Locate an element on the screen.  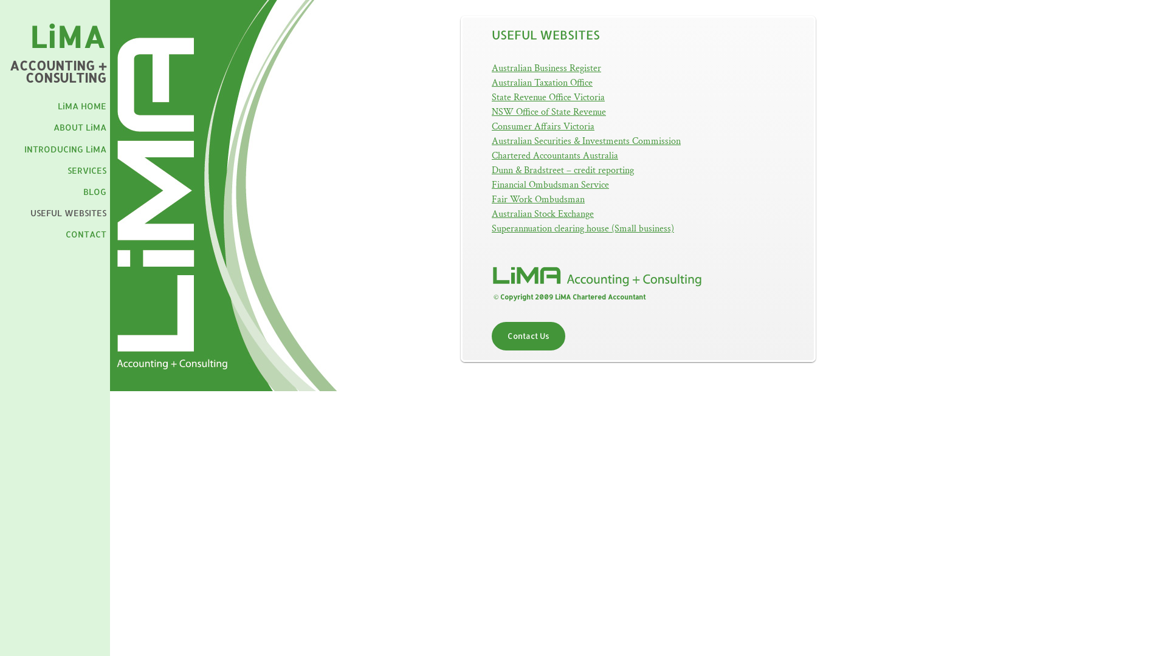
'Australian Securities & Investments Commission' is located at coordinates (586, 140).